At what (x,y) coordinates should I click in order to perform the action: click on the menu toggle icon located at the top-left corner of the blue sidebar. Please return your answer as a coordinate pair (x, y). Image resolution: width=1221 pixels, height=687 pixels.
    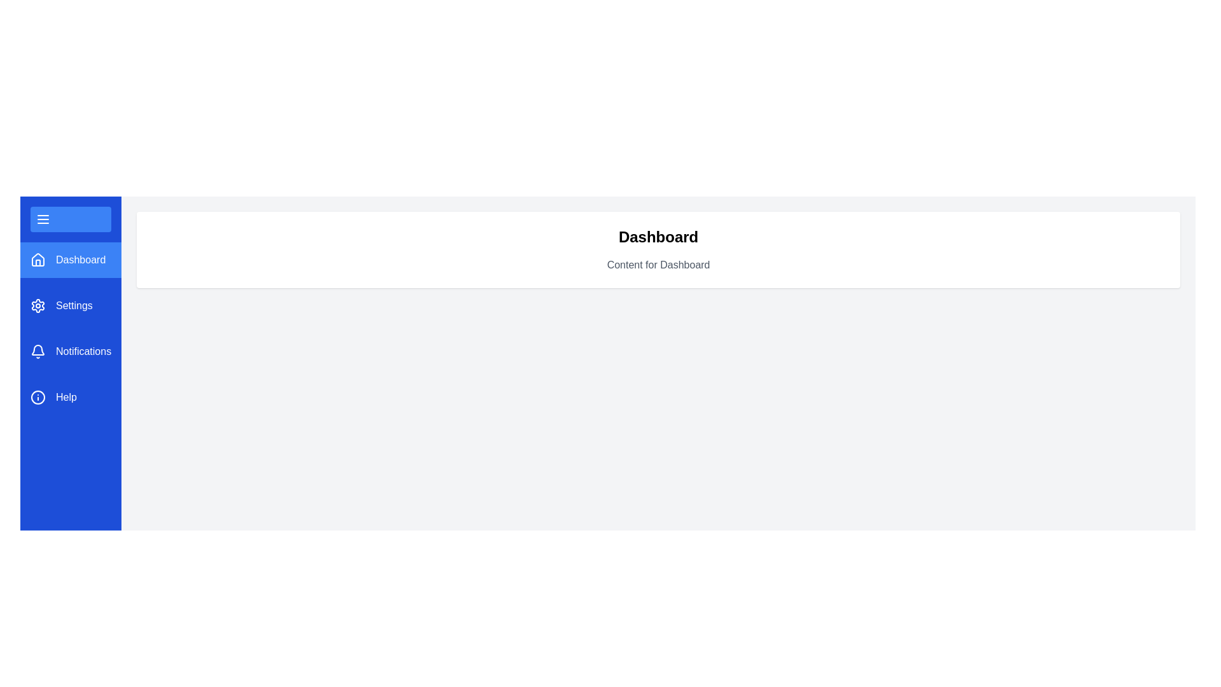
    Looking at the image, I should click on (43, 218).